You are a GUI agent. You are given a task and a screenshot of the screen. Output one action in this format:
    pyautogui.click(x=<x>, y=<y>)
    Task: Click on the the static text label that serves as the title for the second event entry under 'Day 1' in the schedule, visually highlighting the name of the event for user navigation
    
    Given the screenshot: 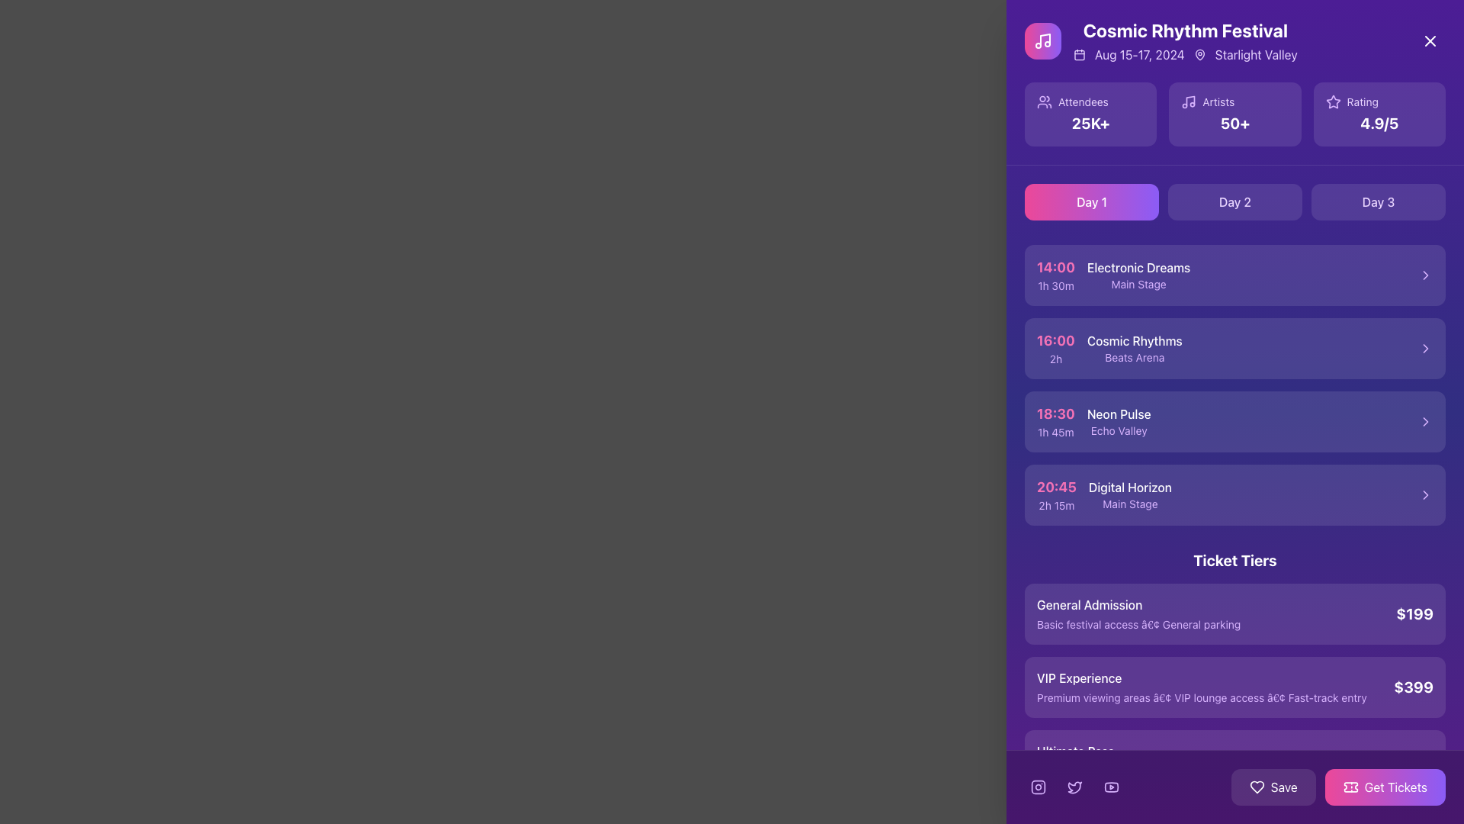 What is the action you would take?
    pyautogui.click(x=1135, y=340)
    